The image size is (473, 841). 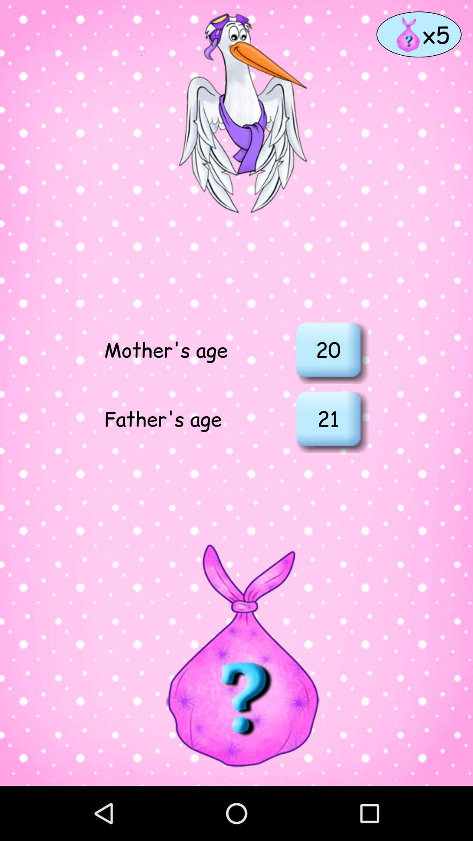 I want to click on the 21, so click(x=328, y=418).